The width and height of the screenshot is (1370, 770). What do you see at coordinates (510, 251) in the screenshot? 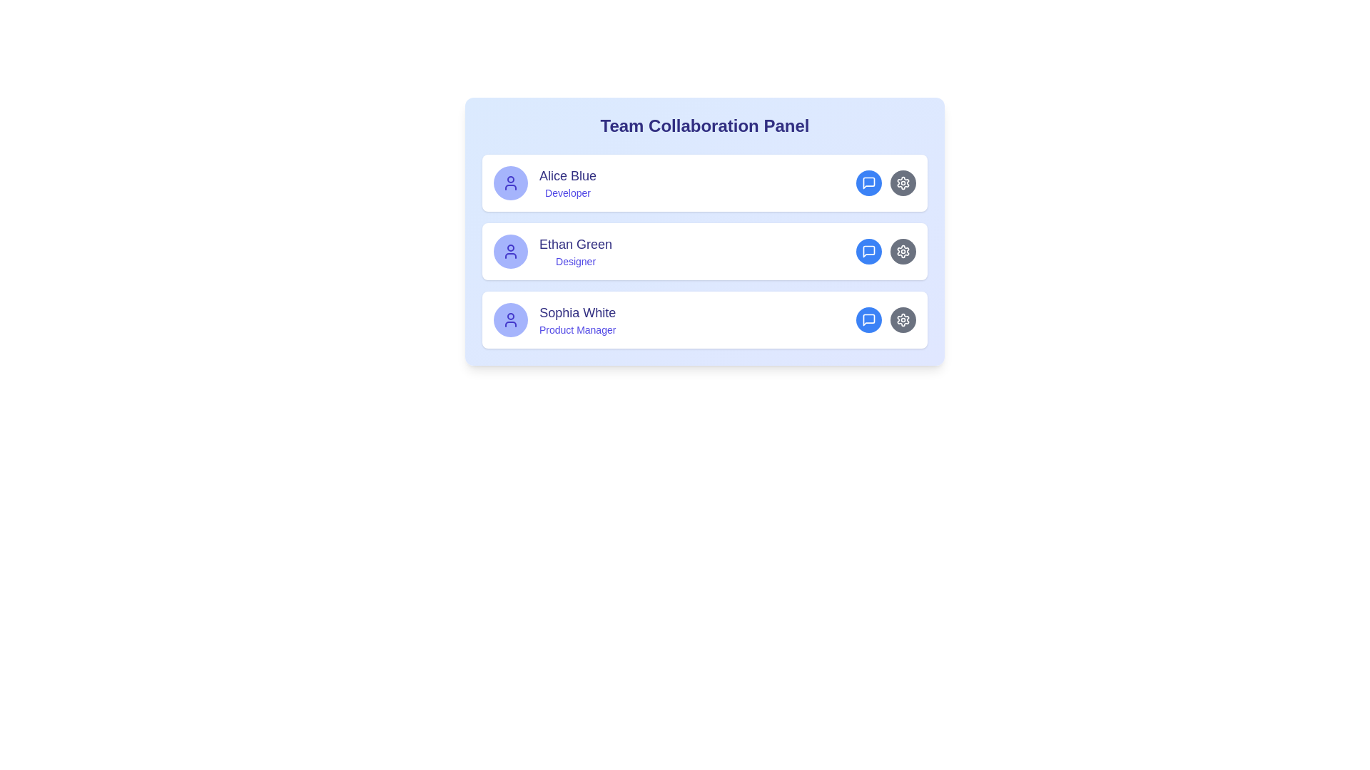
I see `the user icon representing 'Ethan Green', which is the leftmost element in the second row of the Team Collaboration Panel, located inside a rounded indigo-background circle` at bounding box center [510, 251].